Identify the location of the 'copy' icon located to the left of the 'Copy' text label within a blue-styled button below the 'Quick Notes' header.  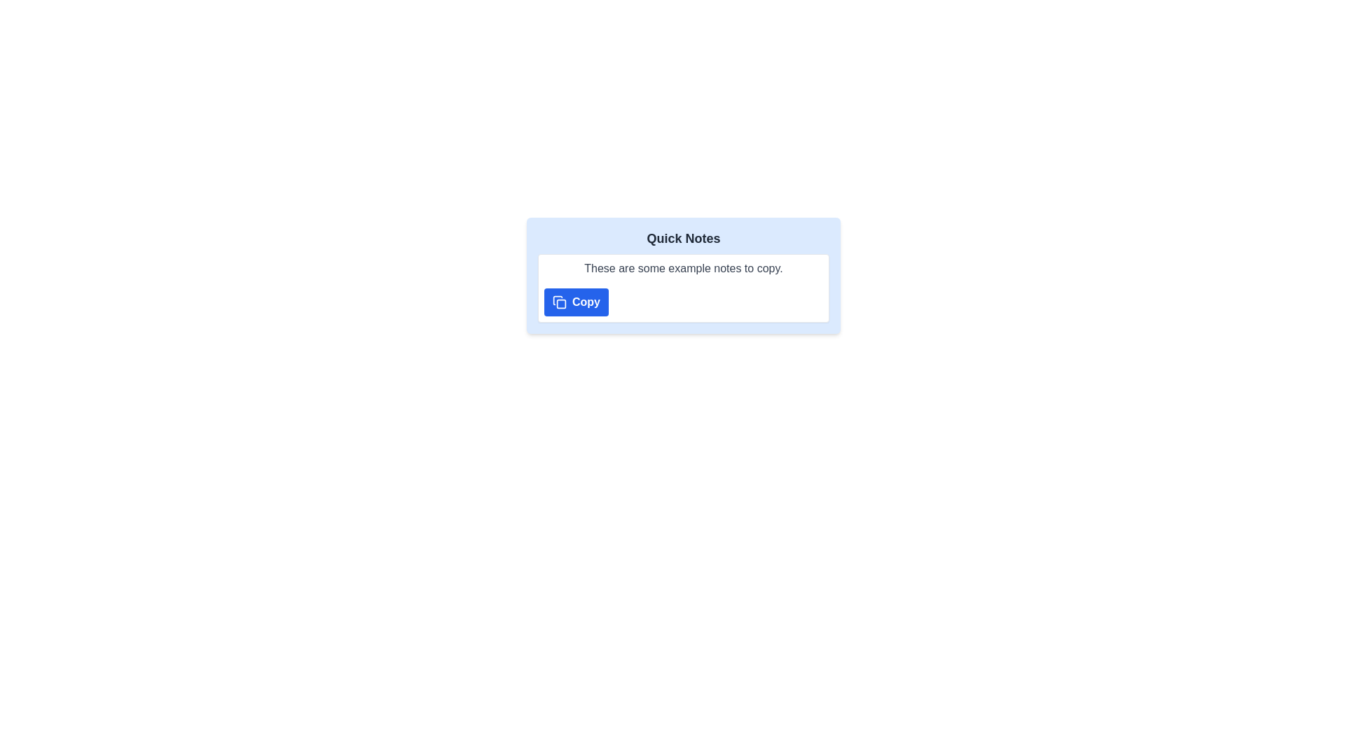
(558, 302).